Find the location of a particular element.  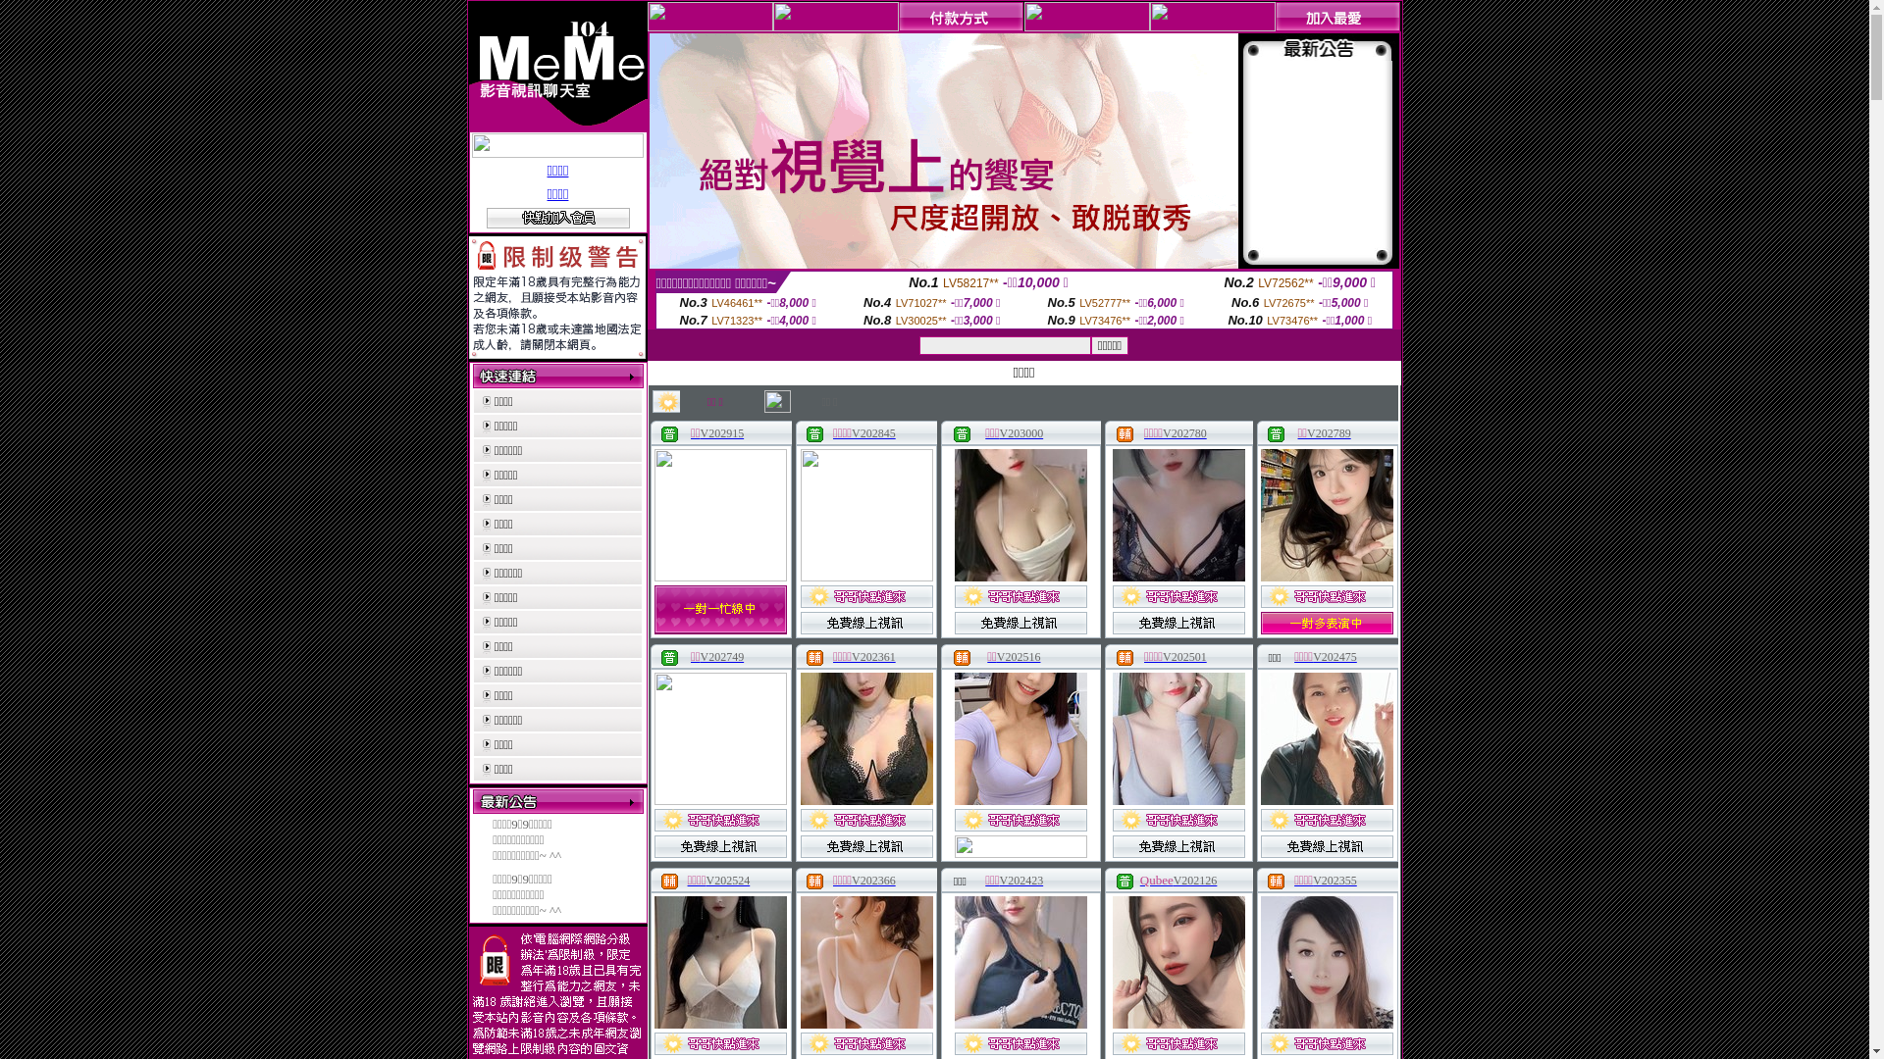

'V202915' is located at coordinates (720, 432).